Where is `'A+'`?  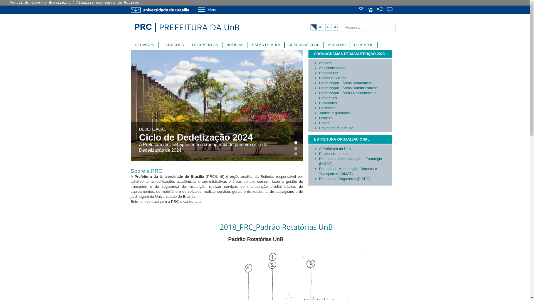 'A+' is located at coordinates (335, 27).